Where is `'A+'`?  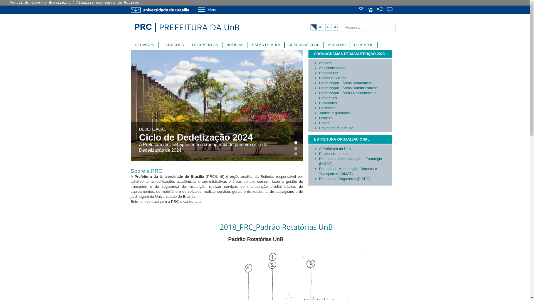 'A+' is located at coordinates (335, 27).